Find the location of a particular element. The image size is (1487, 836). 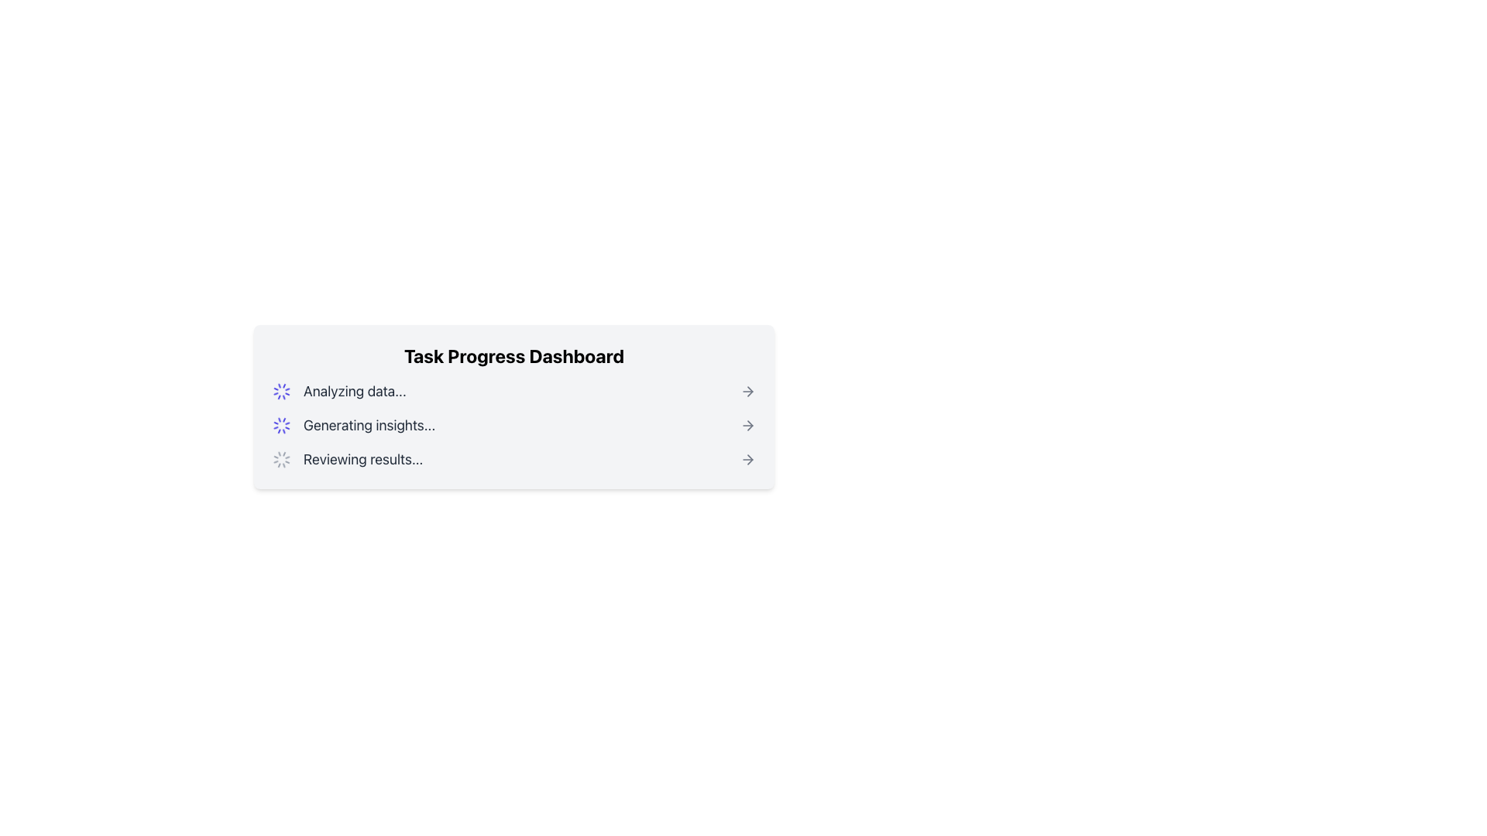

the Loader icon located to the left of the text 'Generating insights...' in the 'Task Progress Dashboard' section to indicate an ongoing loading state is located at coordinates (282, 426).